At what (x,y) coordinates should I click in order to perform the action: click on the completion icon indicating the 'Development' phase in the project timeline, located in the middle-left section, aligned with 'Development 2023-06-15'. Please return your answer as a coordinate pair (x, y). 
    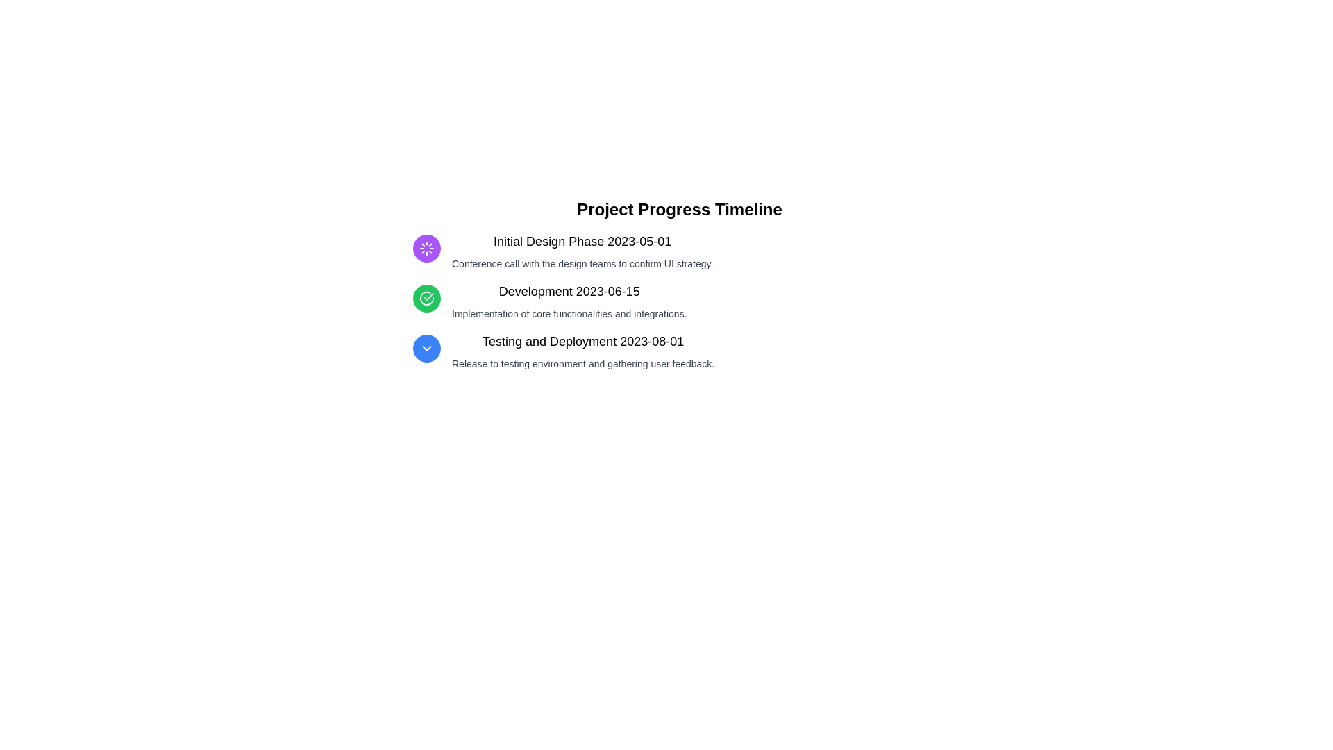
    Looking at the image, I should click on (426, 297).